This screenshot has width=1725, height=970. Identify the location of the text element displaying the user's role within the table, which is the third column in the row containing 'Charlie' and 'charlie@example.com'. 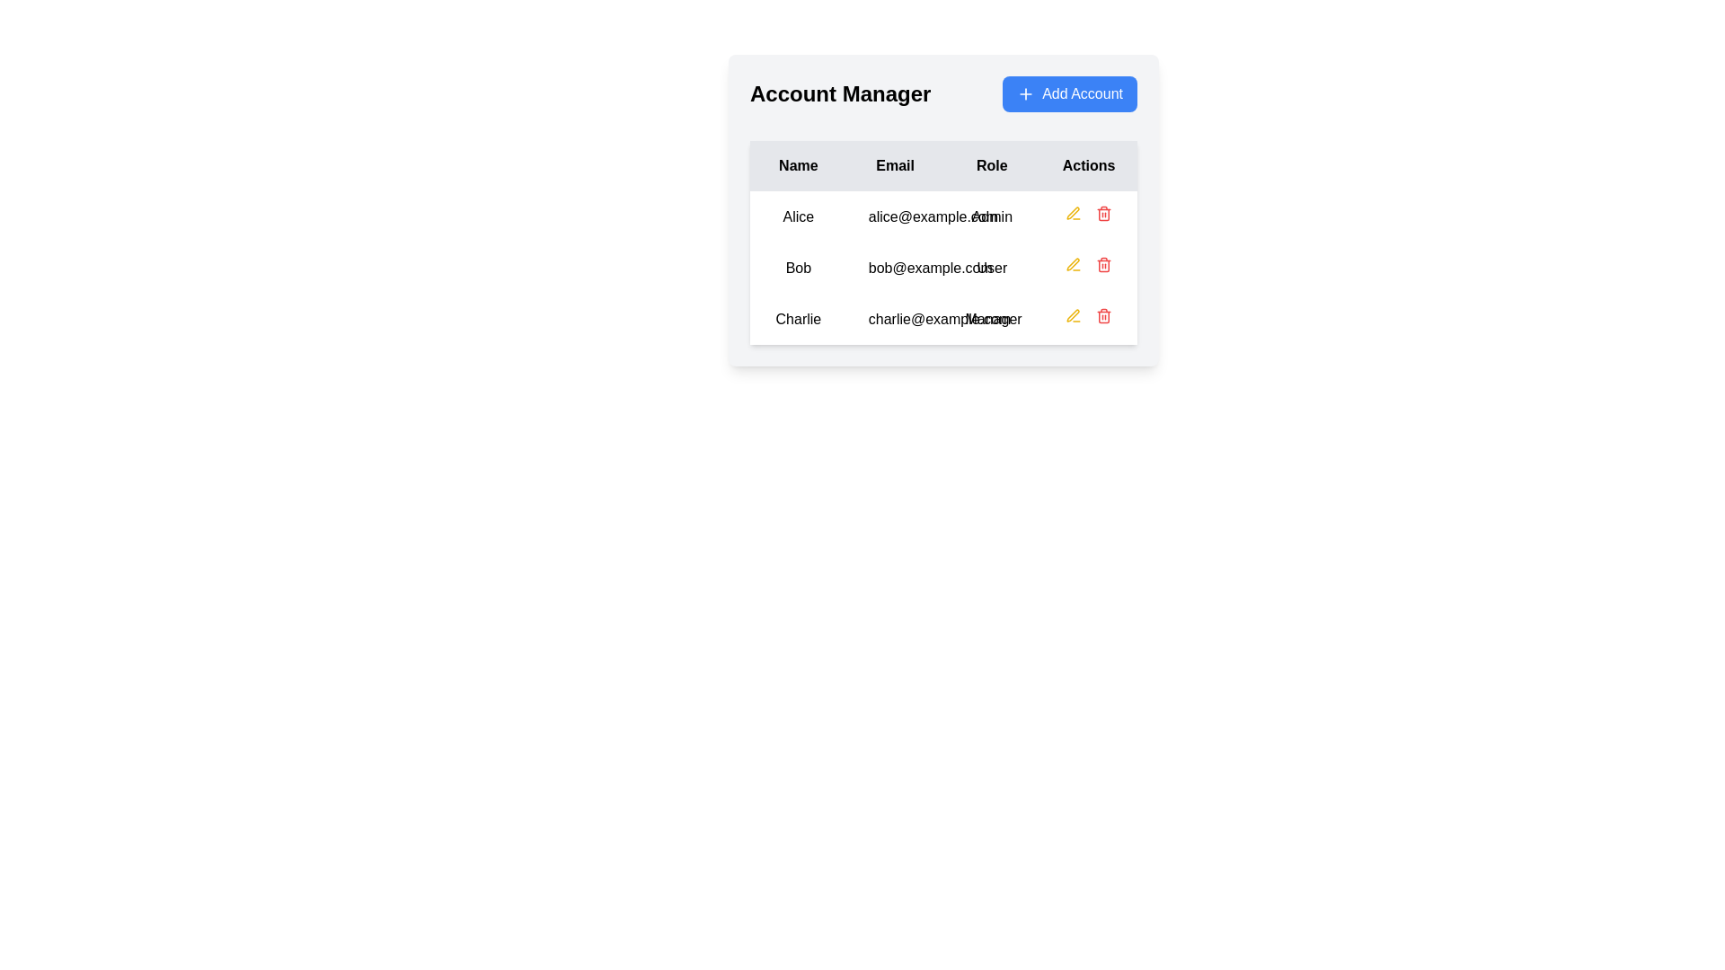
(991, 318).